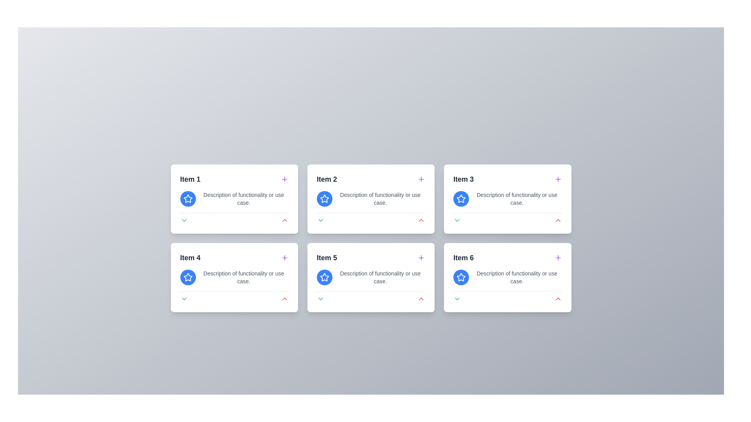  I want to click on the green downward-facing chevron icon located at the bottom left of the first card in the grid layout, so click(183, 220).